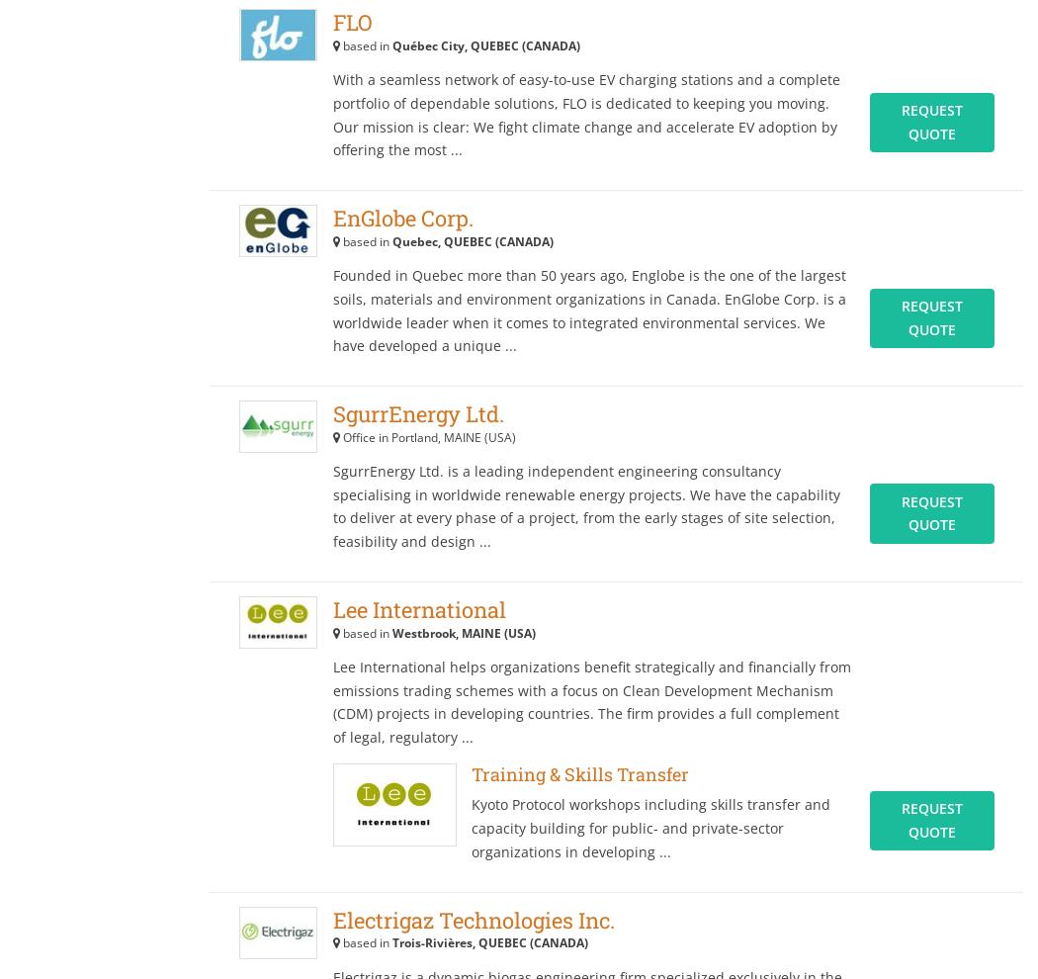  I want to click on 'Privacy', so click(83, 114).